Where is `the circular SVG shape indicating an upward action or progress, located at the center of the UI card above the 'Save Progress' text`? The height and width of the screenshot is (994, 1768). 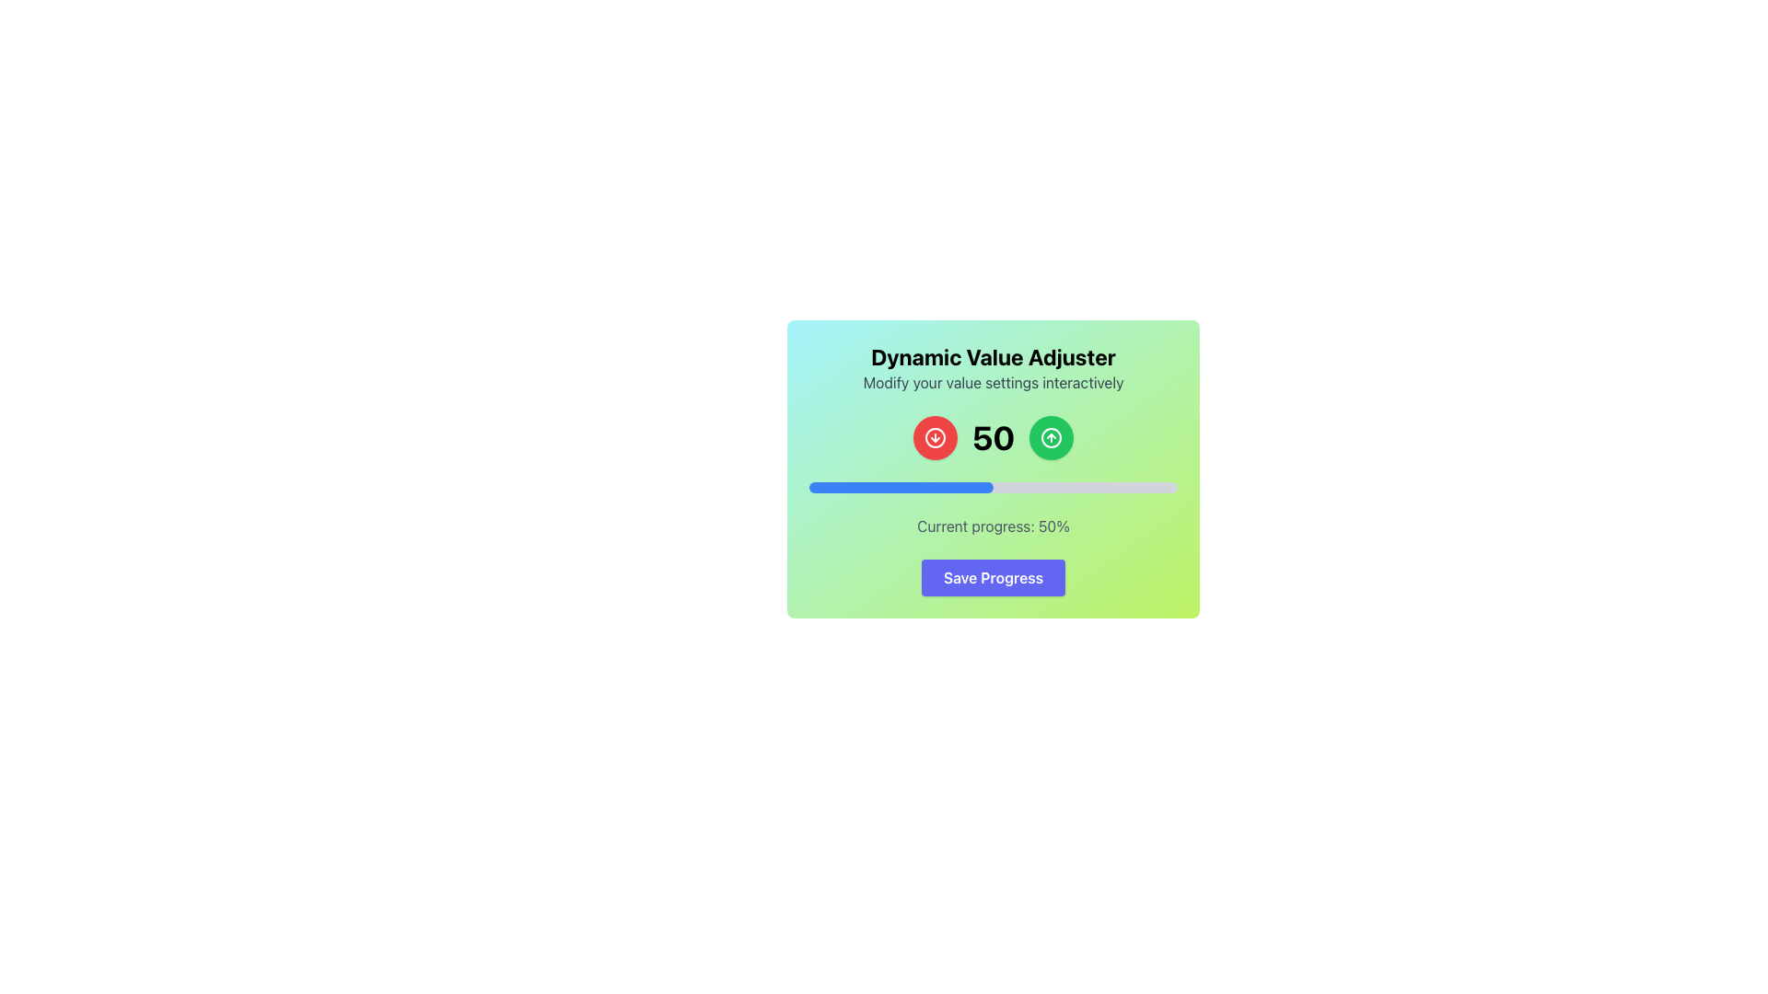 the circular SVG shape indicating an upward action or progress, located at the center of the UI card above the 'Save Progress' text is located at coordinates (1052, 437).